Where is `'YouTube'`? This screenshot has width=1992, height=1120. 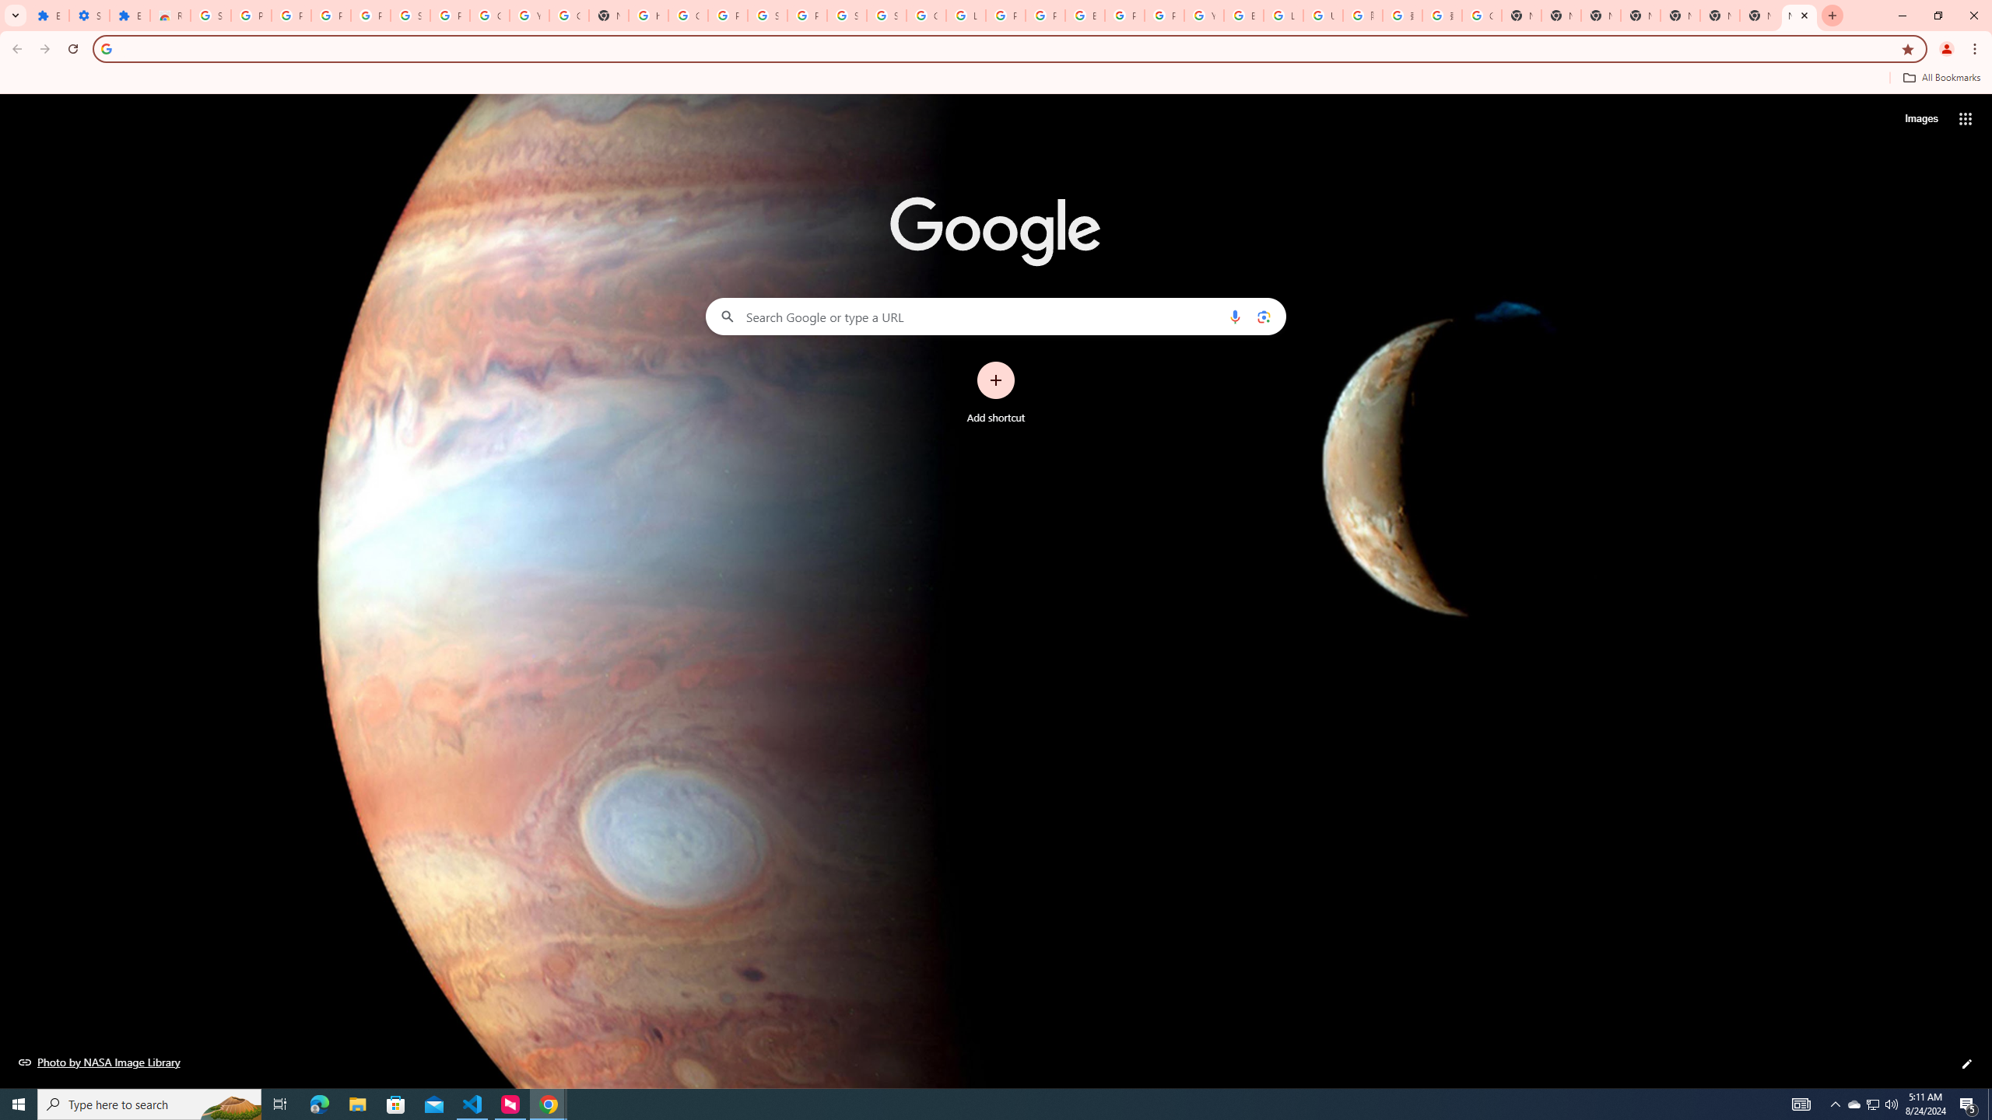 'YouTube' is located at coordinates (528, 15).